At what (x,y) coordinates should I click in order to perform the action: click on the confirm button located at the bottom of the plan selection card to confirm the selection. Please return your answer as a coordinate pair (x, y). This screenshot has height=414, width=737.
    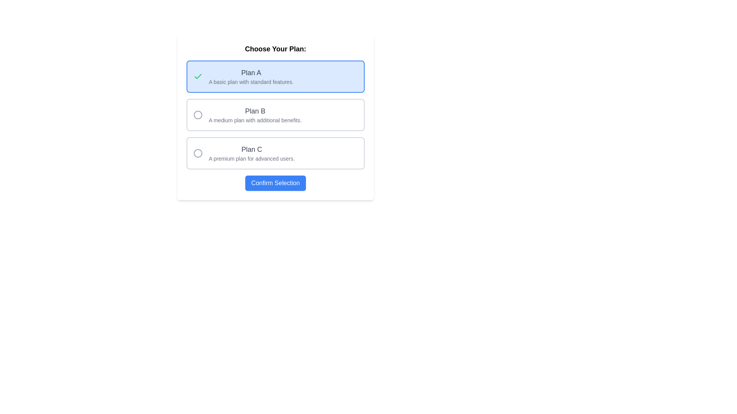
    Looking at the image, I should click on (276, 183).